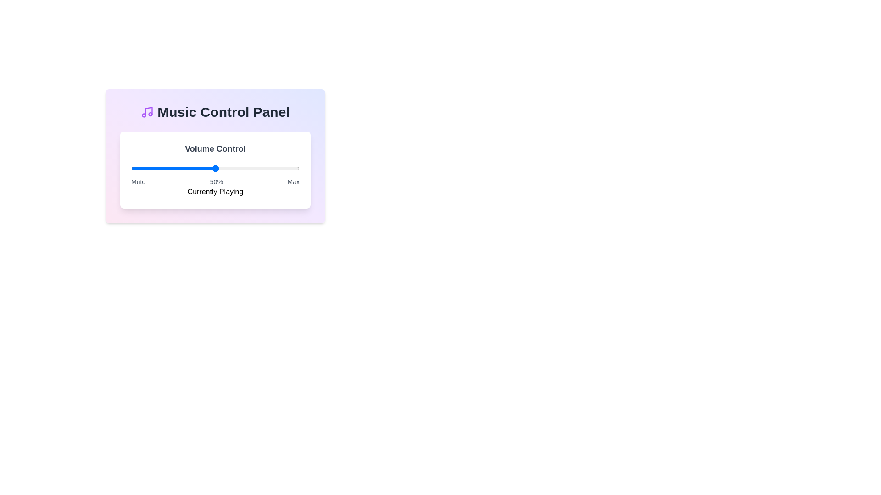  What do you see at coordinates (289, 168) in the screenshot?
I see `the volume slider to 94% level` at bounding box center [289, 168].